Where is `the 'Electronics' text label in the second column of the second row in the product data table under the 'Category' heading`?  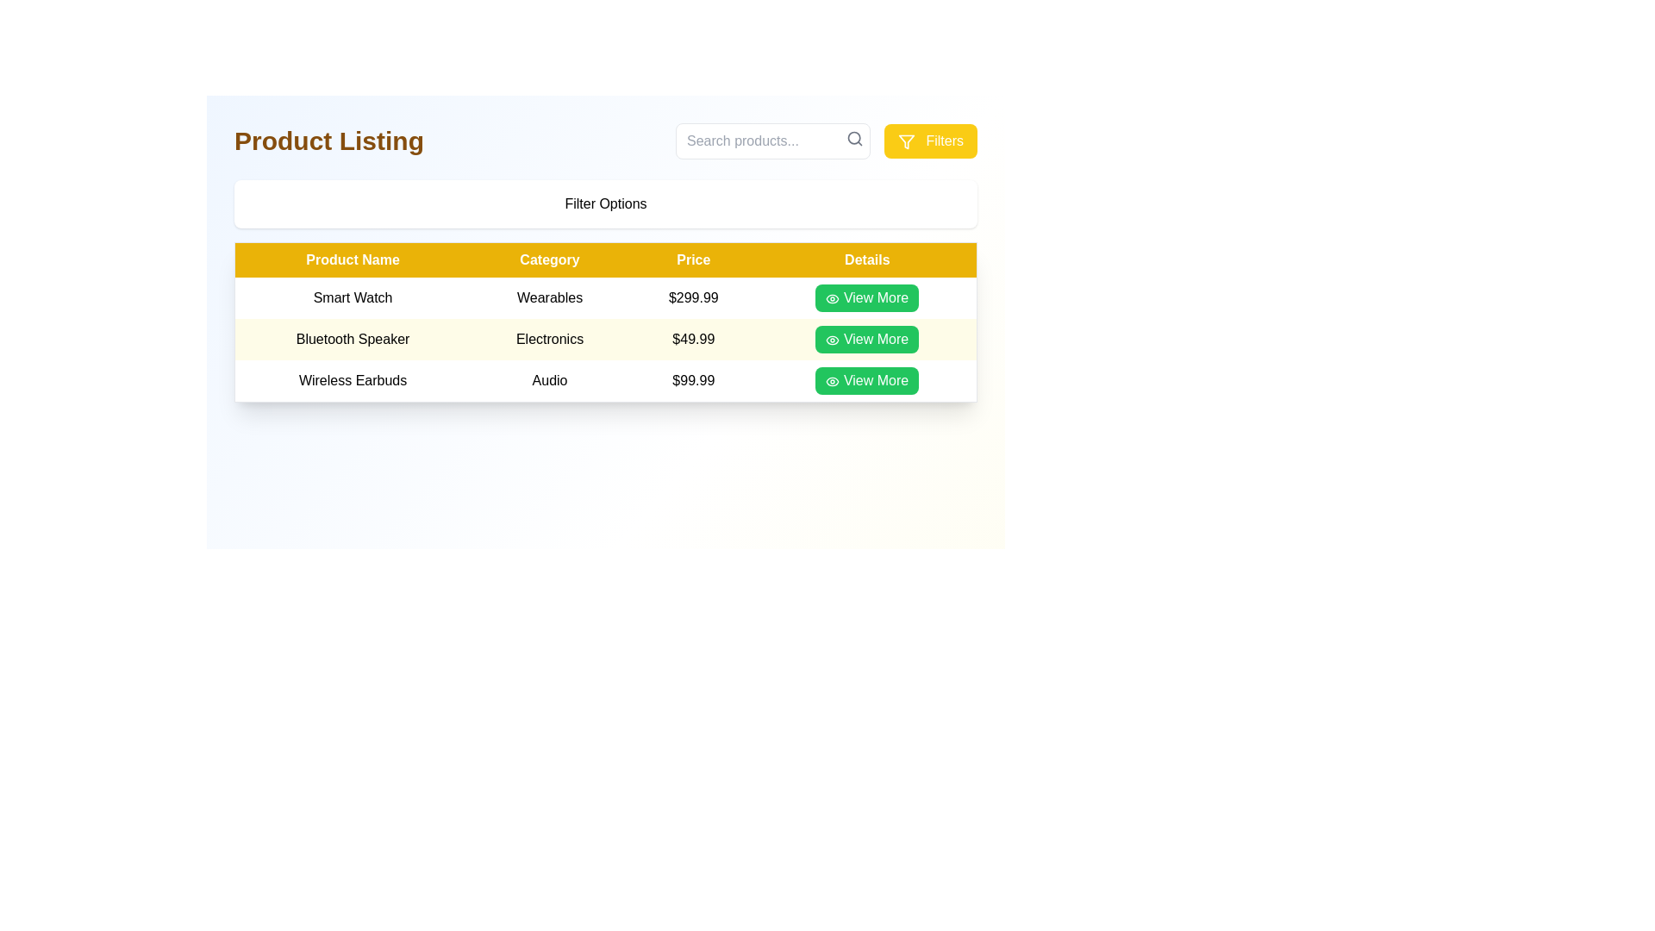 the 'Electronics' text label in the second column of the second row in the product data table under the 'Category' heading is located at coordinates (549, 339).